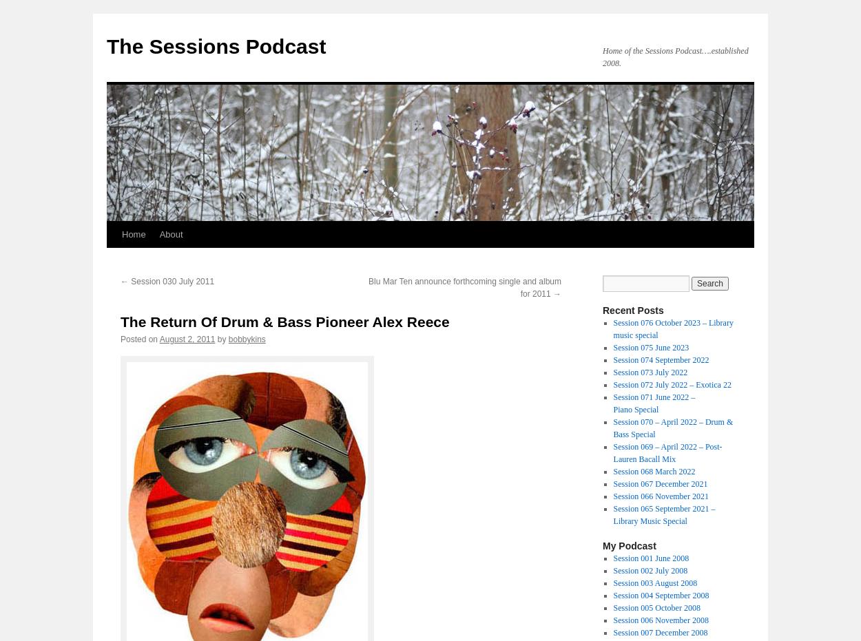 The width and height of the screenshot is (861, 641). Describe the element at coordinates (650, 372) in the screenshot. I see `'Session 073 July 2022'` at that location.